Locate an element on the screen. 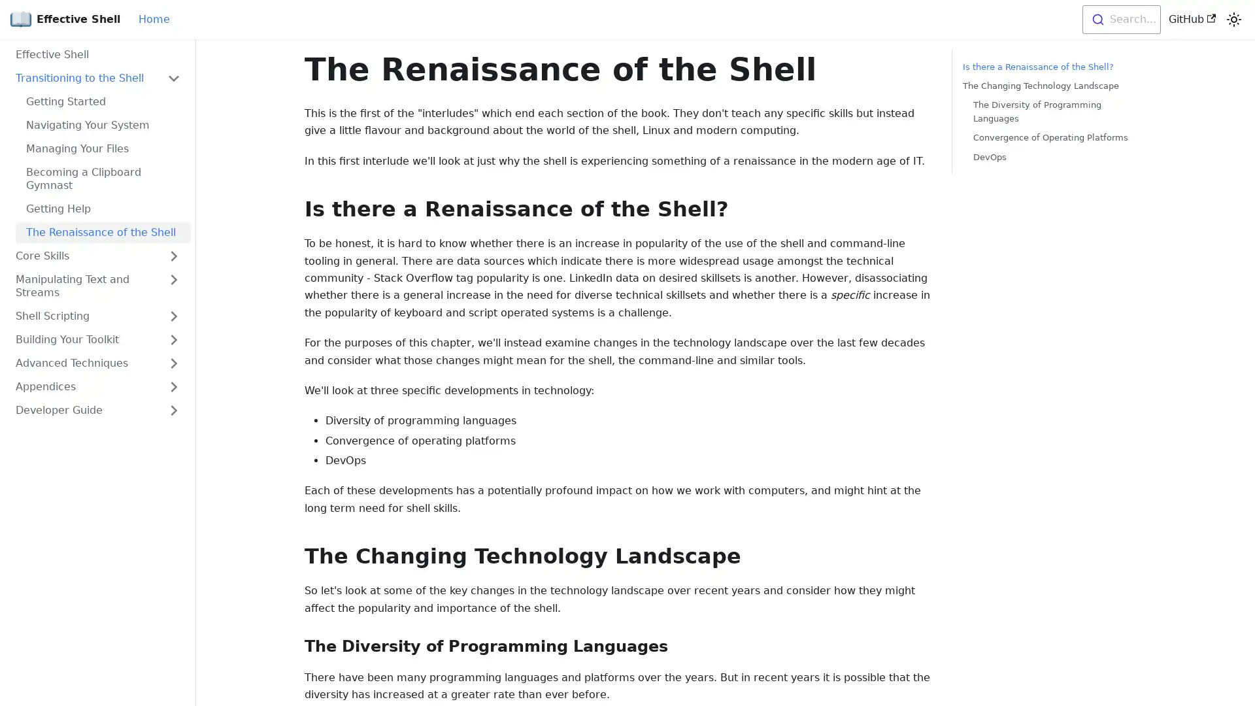  Toggle the collapsible sidebar category 'Building Your Toolkit' is located at coordinates (173, 339).